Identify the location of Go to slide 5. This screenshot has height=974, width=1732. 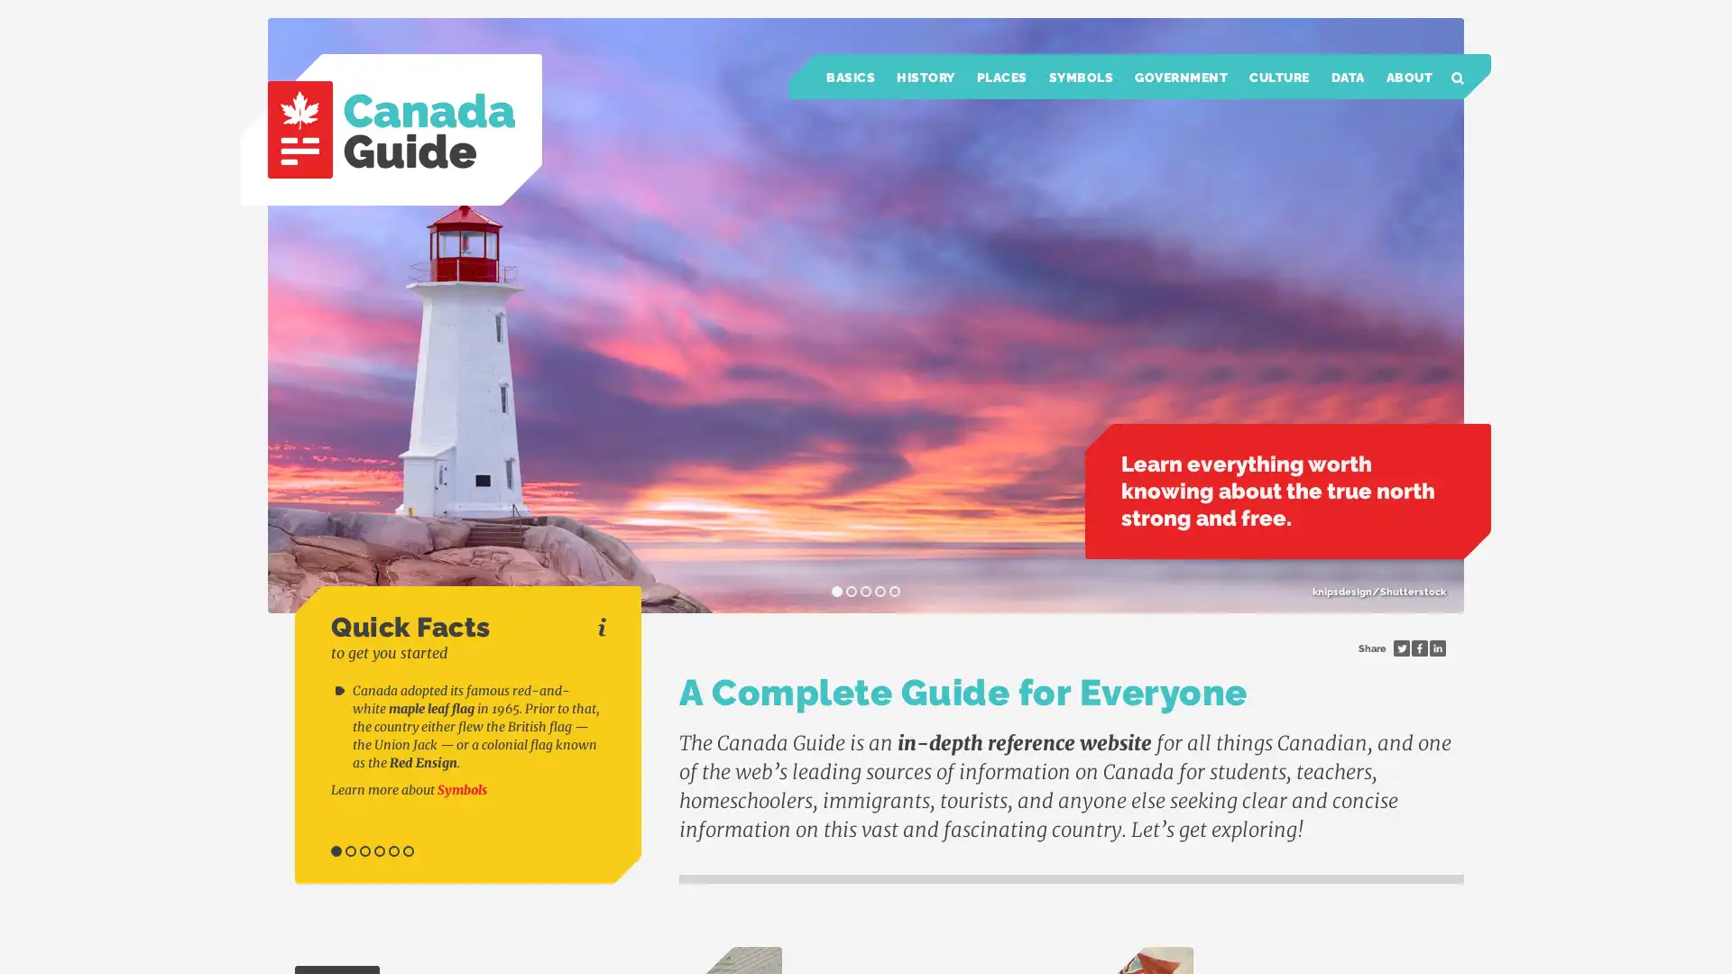
(895, 591).